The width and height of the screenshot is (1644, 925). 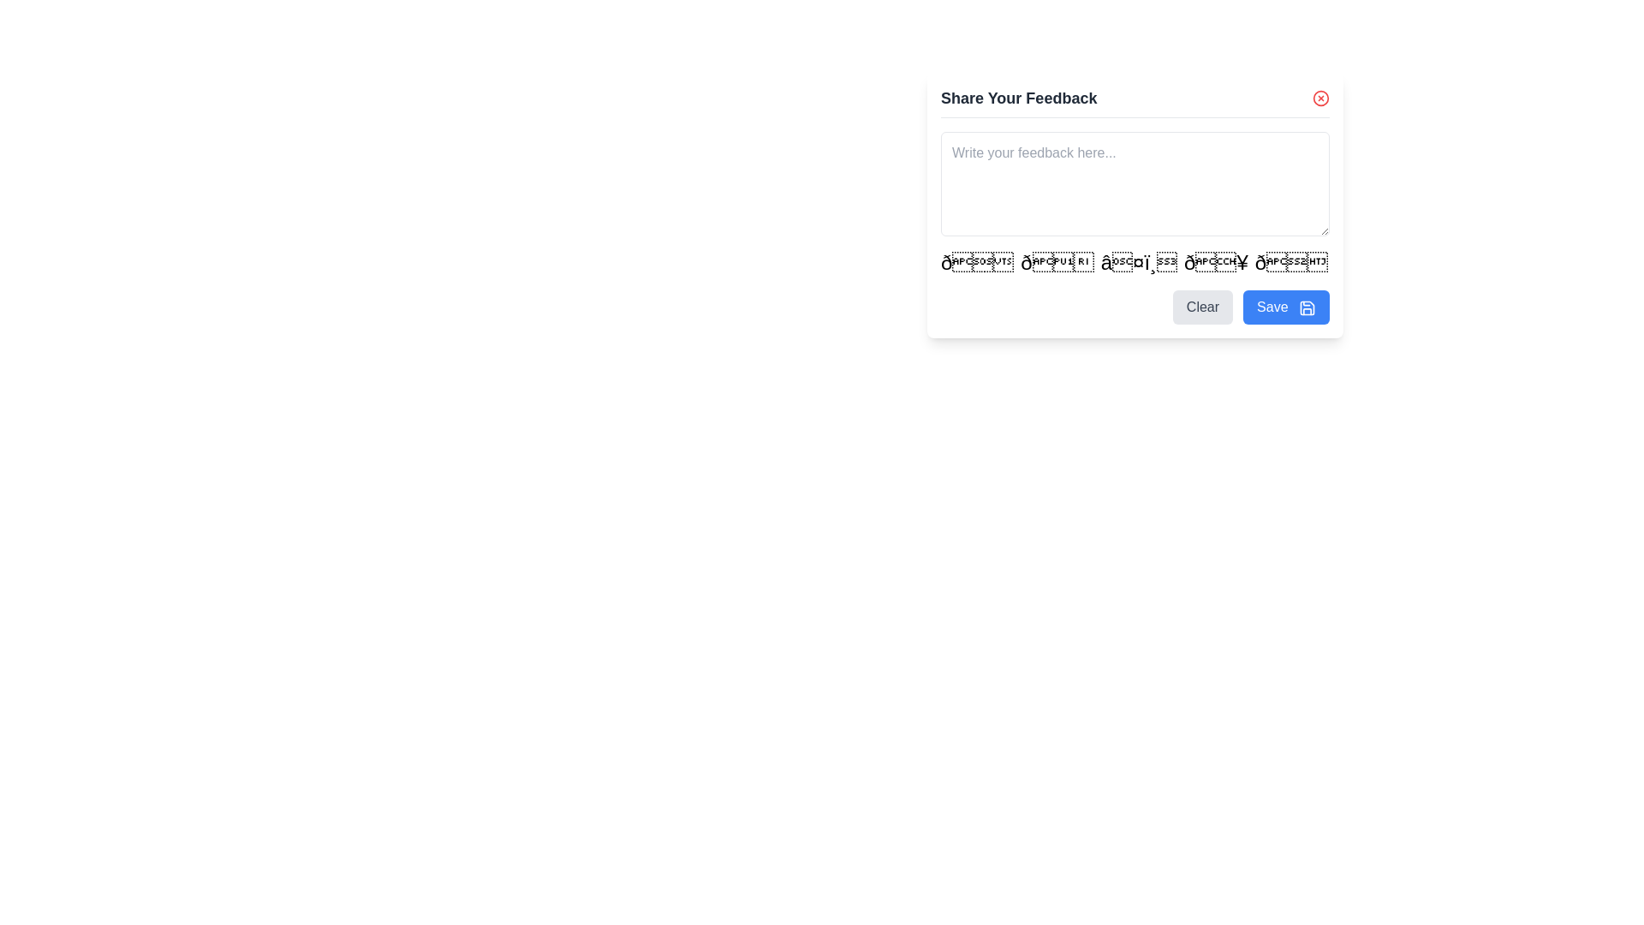 I want to click on text label 'Share Your Feedback' displayed in bold, dark gray font at the top of the feedback form, so click(x=1019, y=98).